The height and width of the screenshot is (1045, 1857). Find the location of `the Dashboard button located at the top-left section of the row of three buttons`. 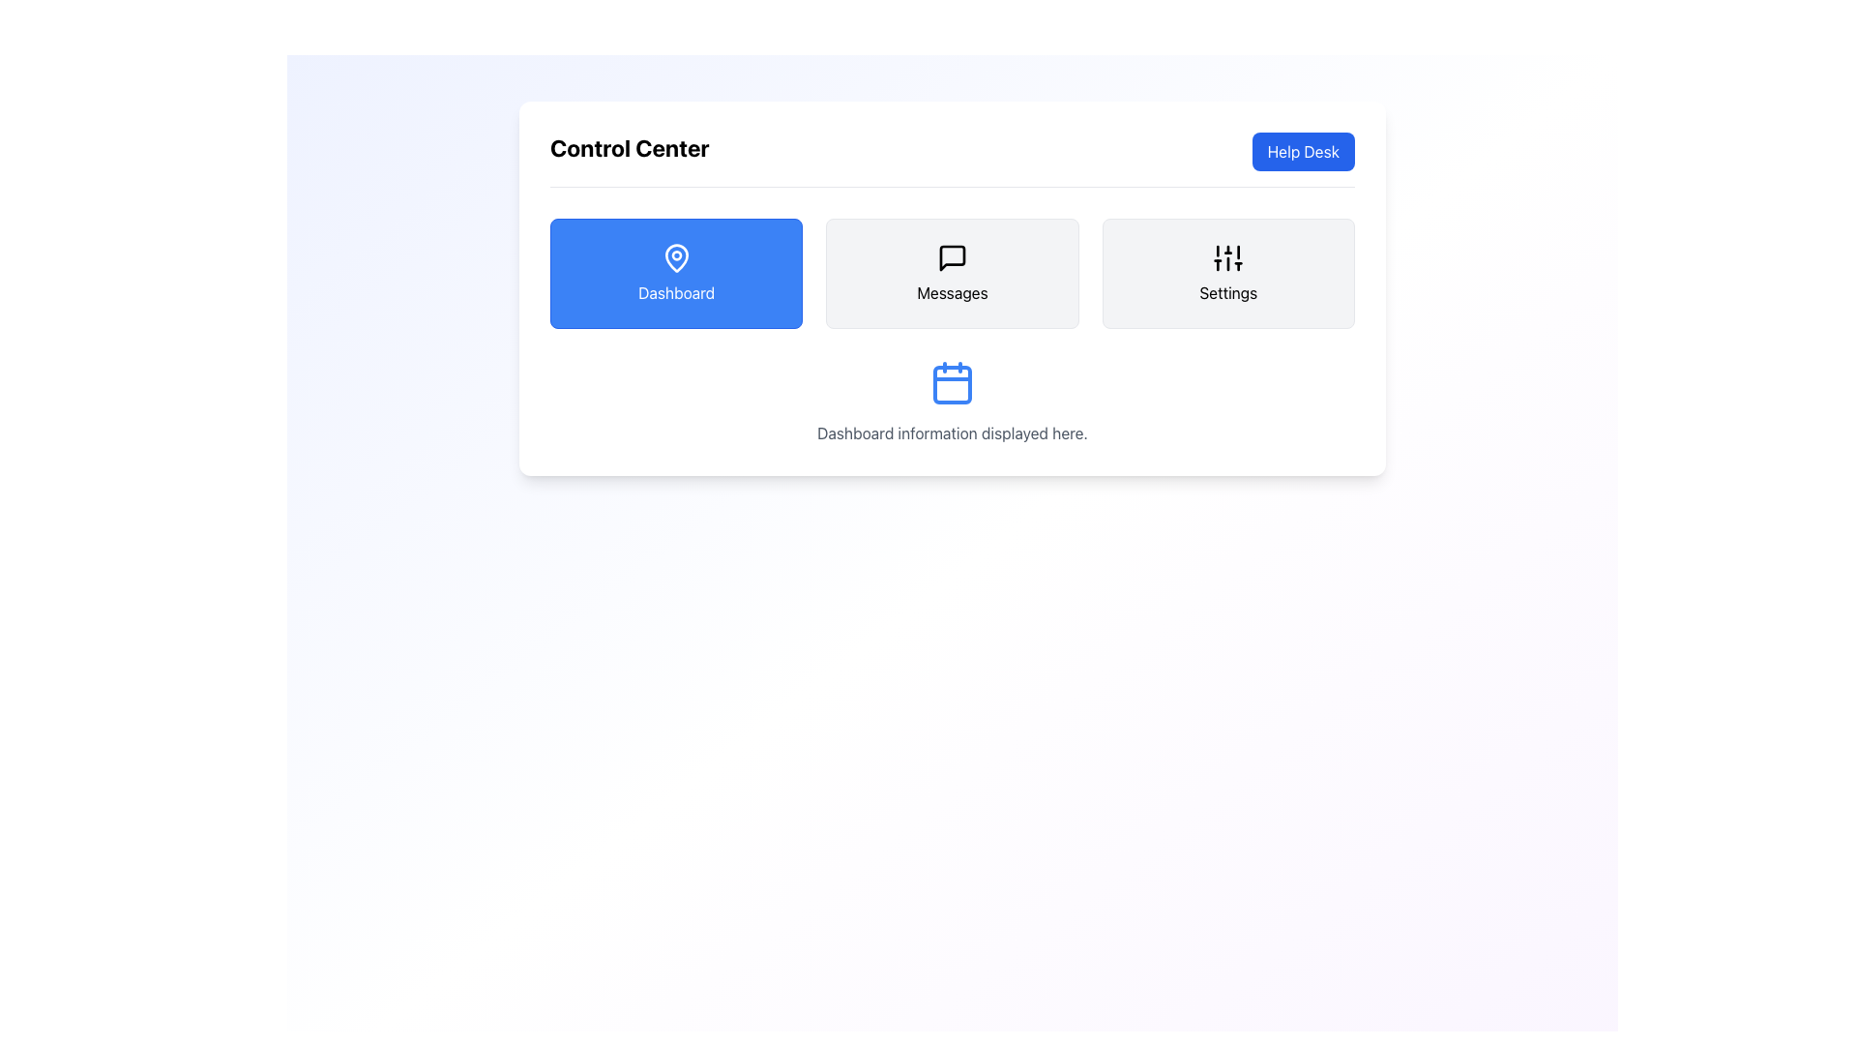

the Dashboard button located at the top-left section of the row of three buttons is located at coordinates (676, 273).